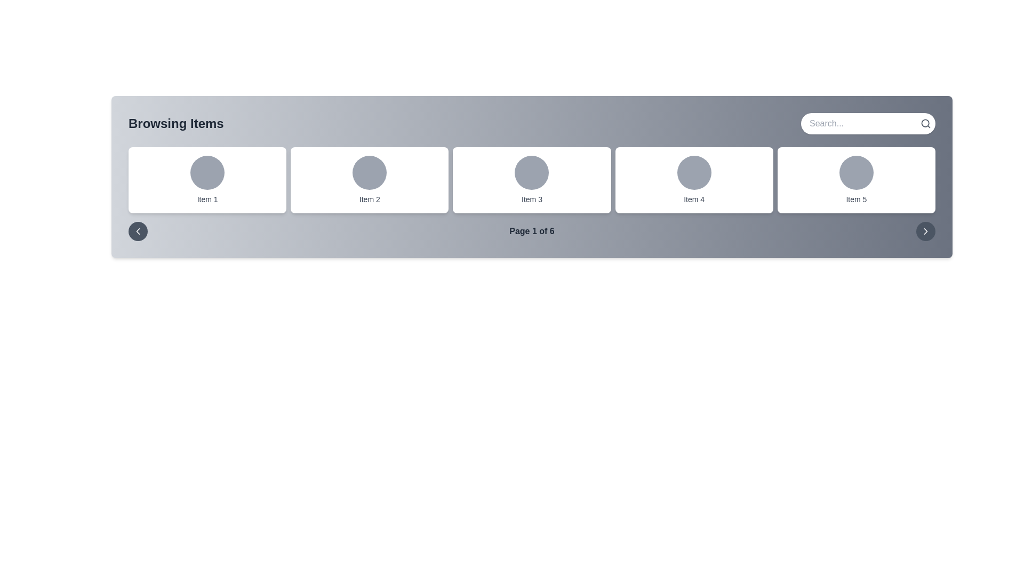  Describe the element at coordinates (694, 199) in the screenshot. I see `text label 'Item 4' located below the circular graphic of the fourth card in a horizontal list of cards` at that location.